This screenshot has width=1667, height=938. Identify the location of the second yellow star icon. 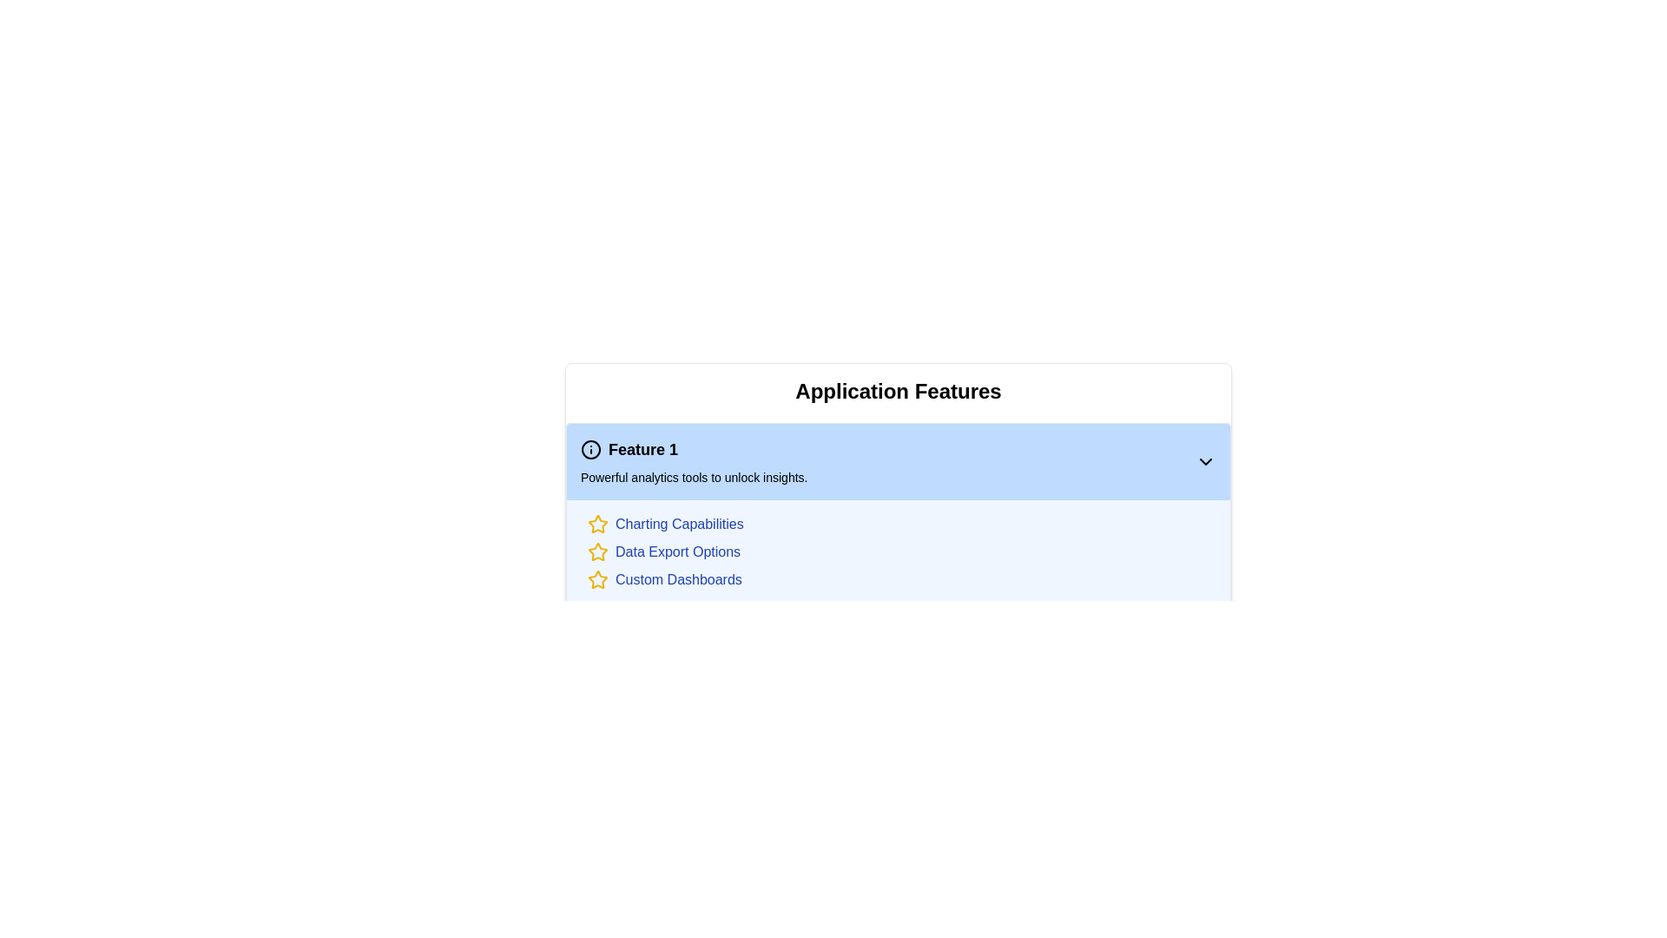
(598, 523).